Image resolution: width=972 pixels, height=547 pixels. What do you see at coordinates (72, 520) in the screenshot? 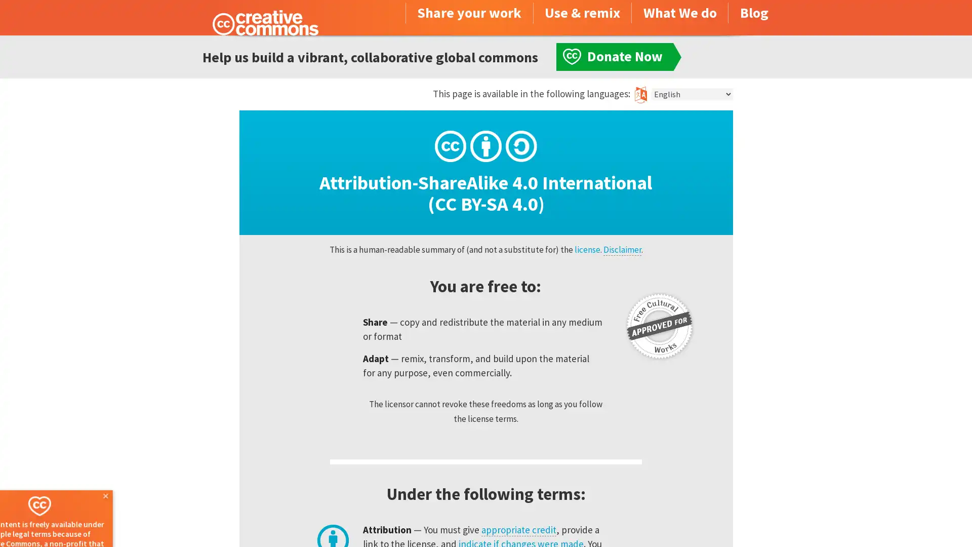
I see `Donate Now` at bounding box center [72, 520].